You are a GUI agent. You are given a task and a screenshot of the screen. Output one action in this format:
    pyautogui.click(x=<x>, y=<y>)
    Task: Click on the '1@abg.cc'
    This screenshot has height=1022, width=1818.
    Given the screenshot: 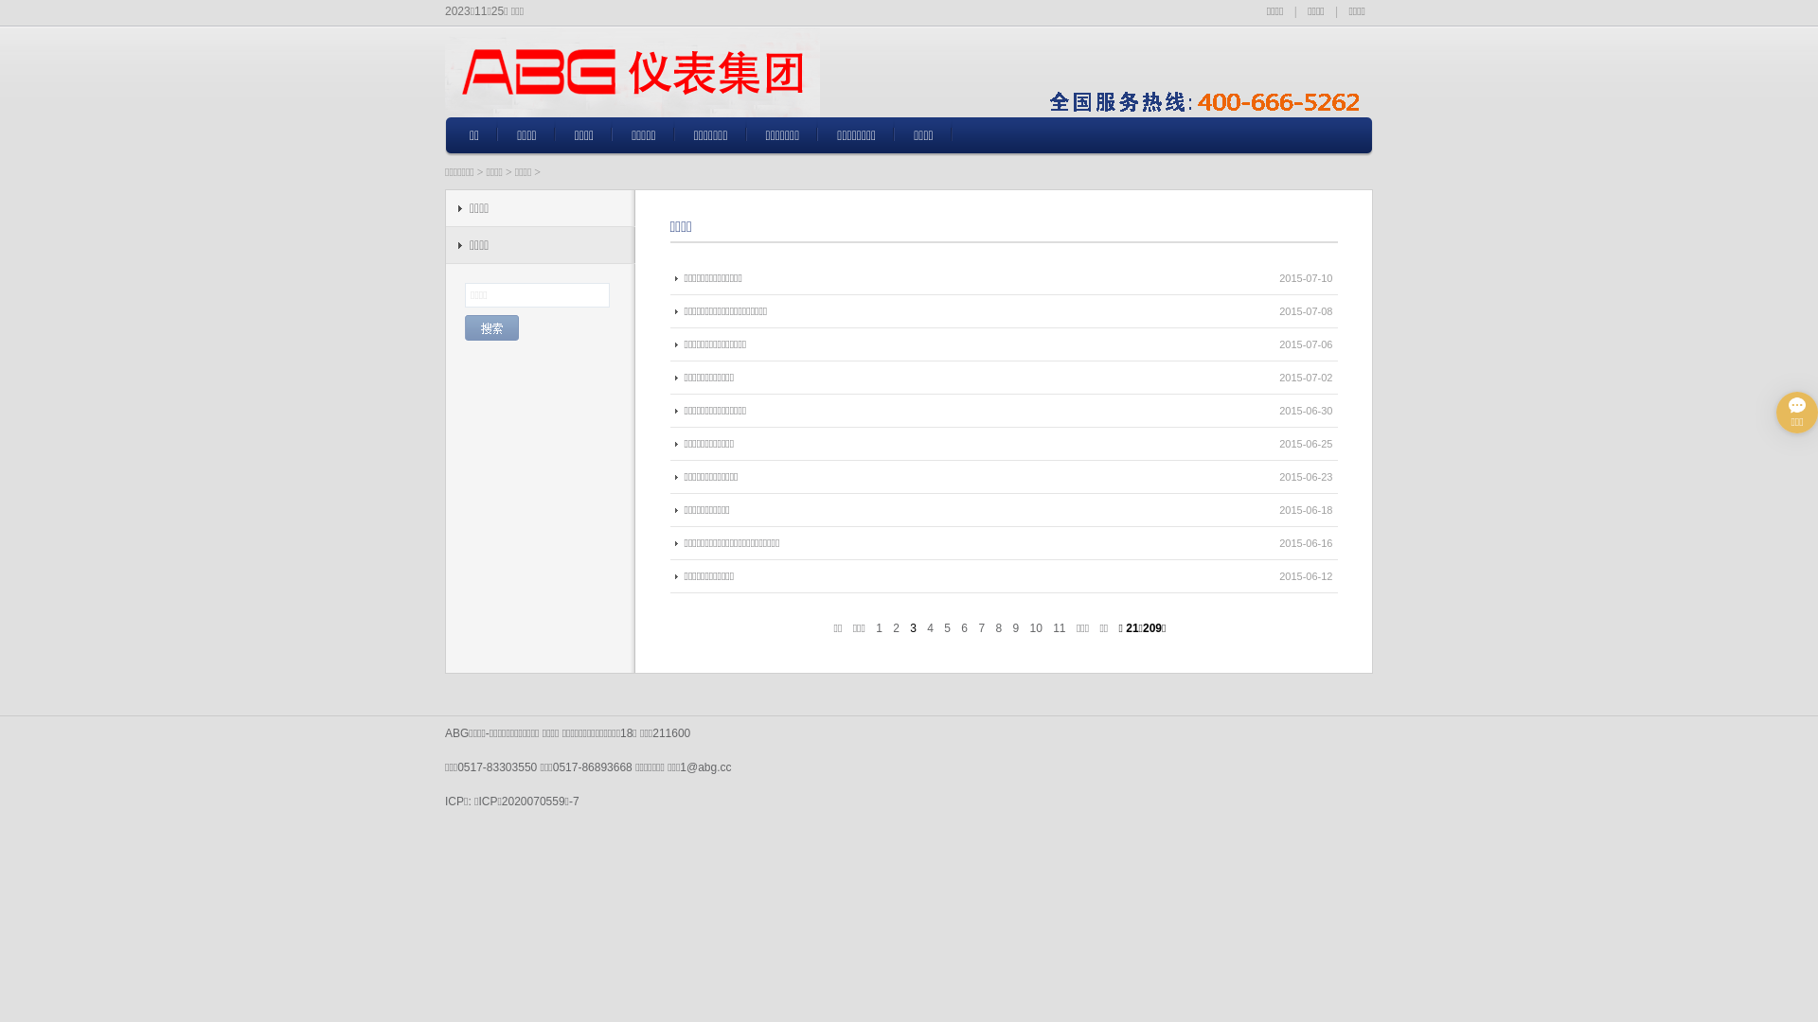 What is the action you would take?
    pyautogui.click(x=704, y=766)
    